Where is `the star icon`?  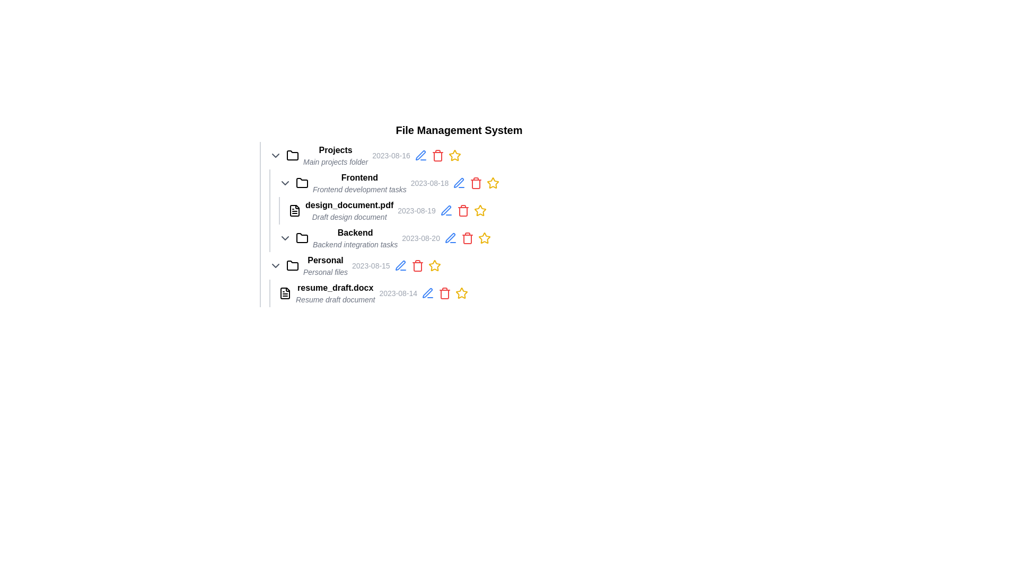
the star icon is located at coordinates (454, 155).